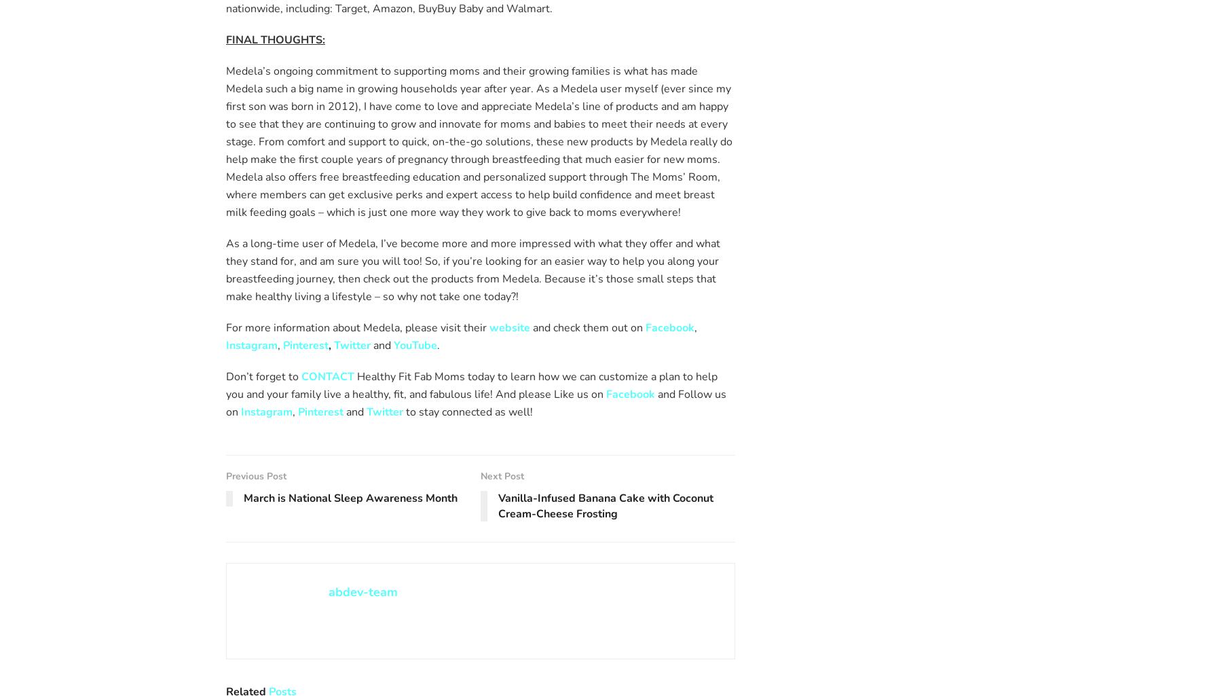 Image resolution: width=1226 pixels, height=696 pixels. What do you see at coordinates (256, 475) in the screenshot?
I see `'Previous Post'` at bounding box center [256, 475].